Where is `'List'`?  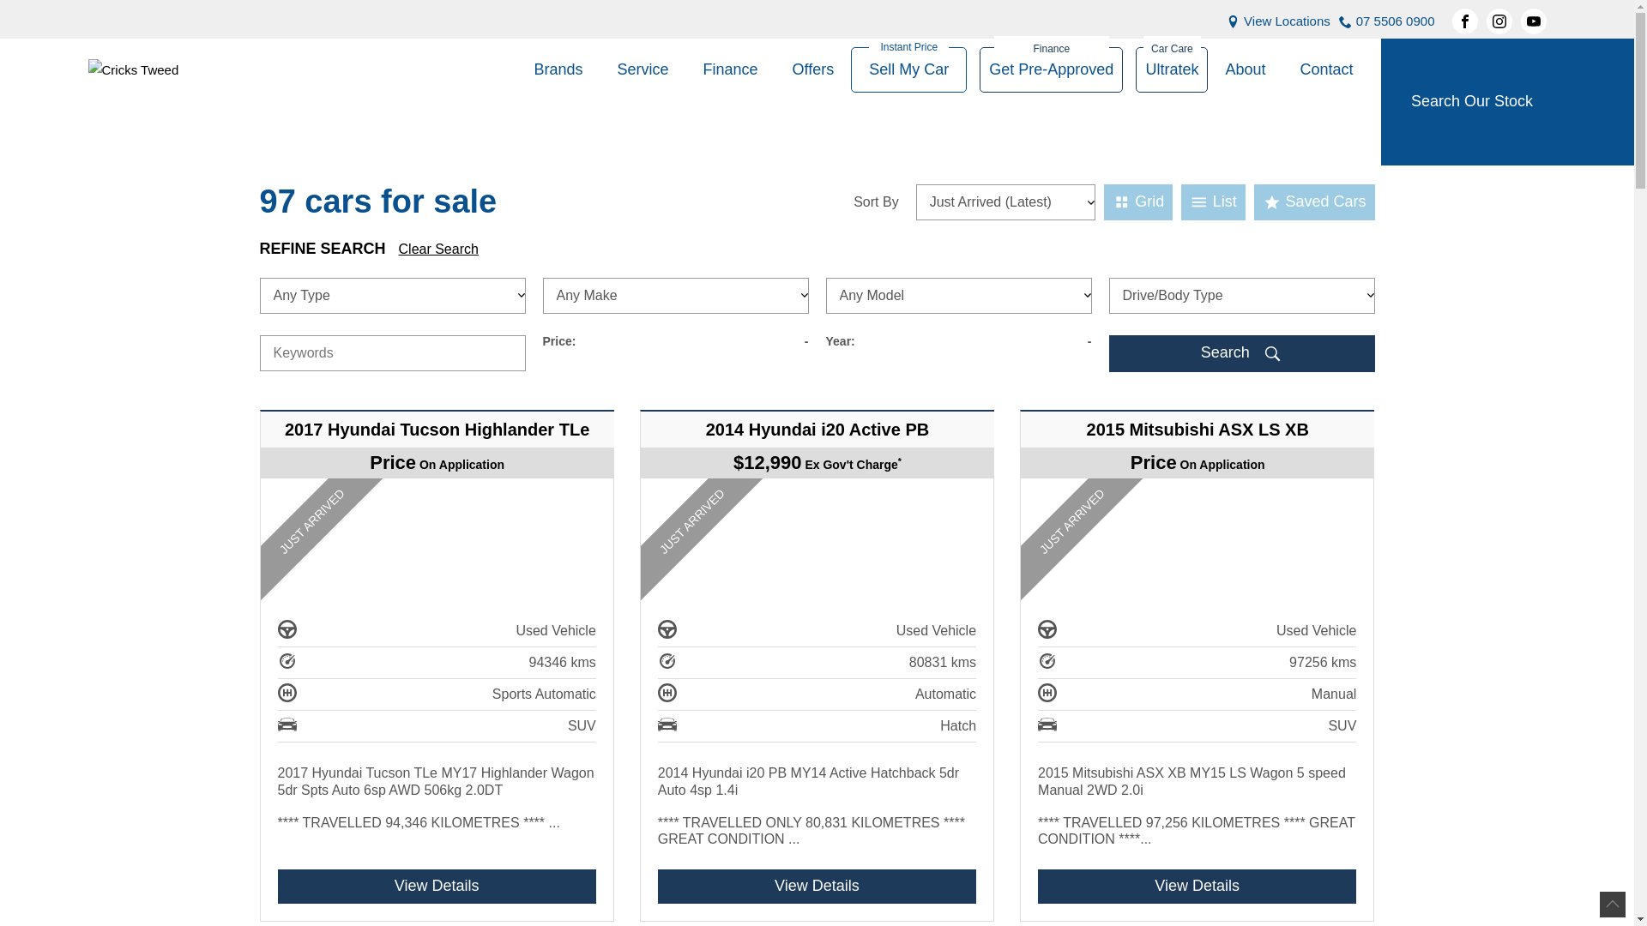 'List' is located at coordinates (1180, 201).